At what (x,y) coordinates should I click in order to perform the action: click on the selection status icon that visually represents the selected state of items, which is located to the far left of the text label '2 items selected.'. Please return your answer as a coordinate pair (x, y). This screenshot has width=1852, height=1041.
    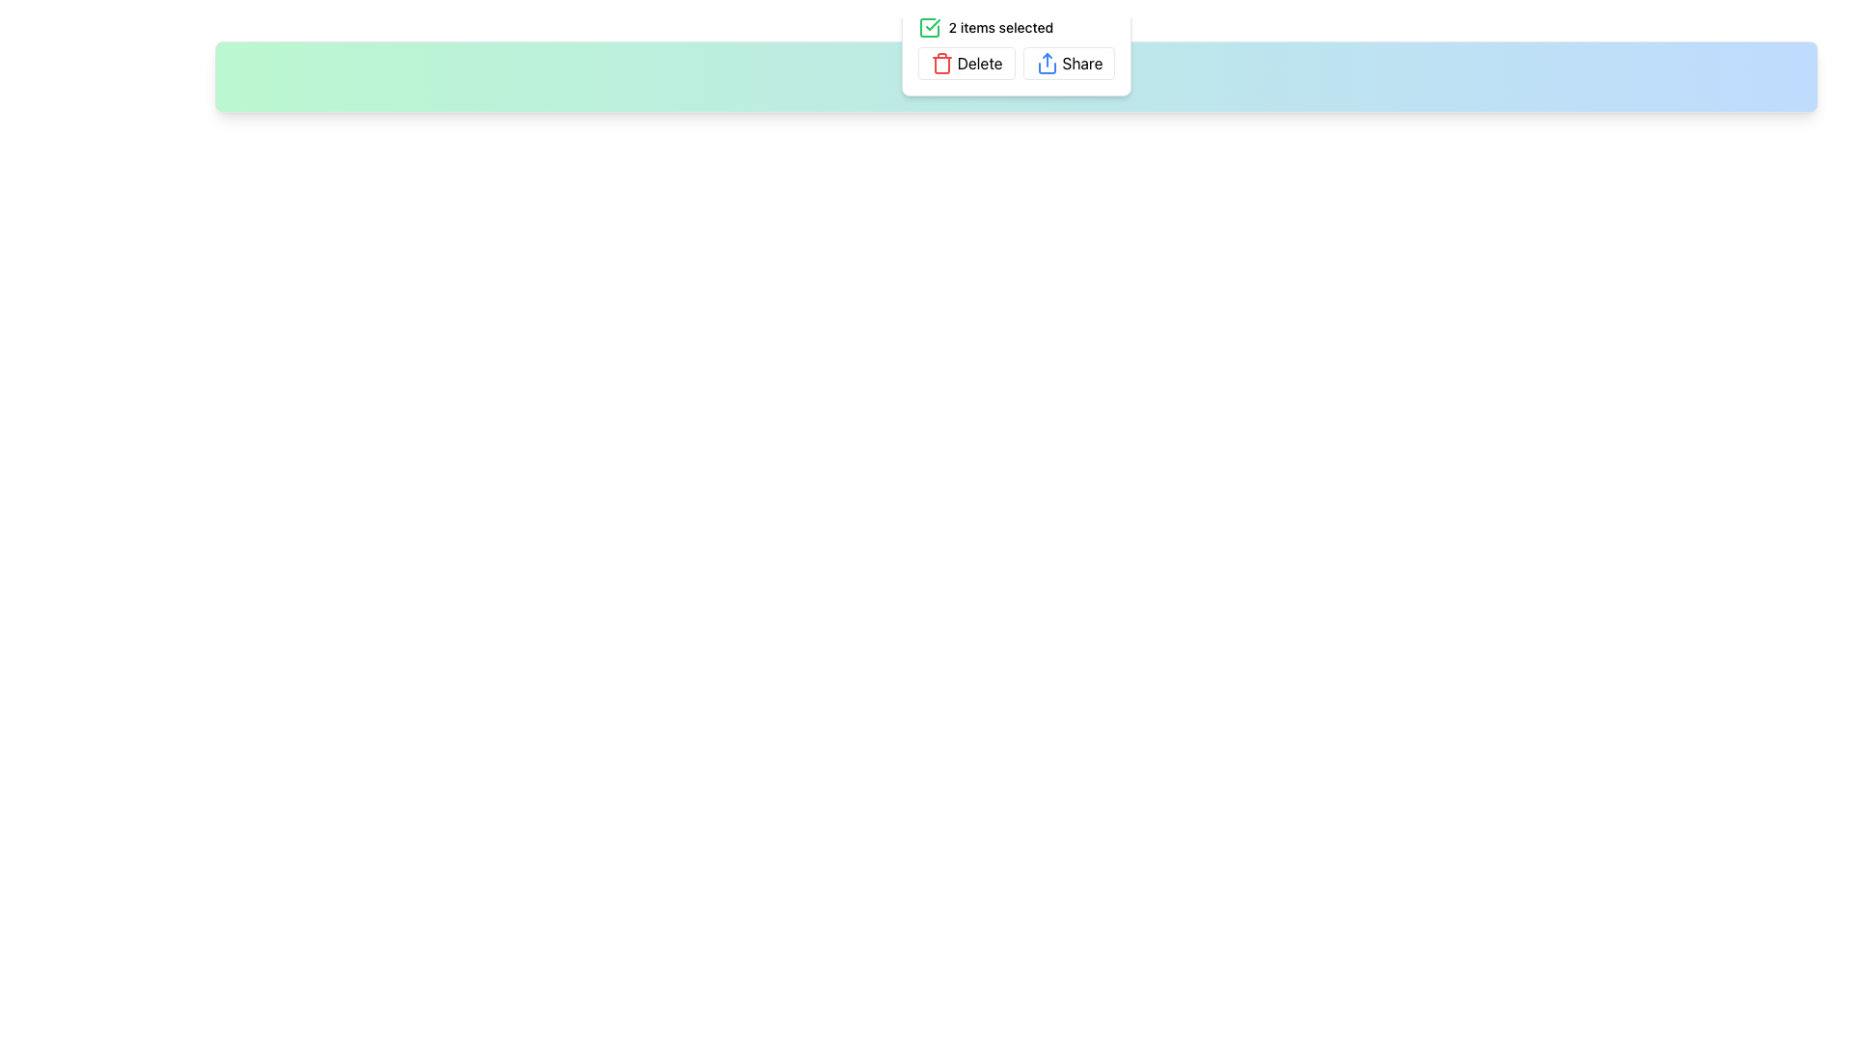
    Looking at the image, I should click on (929, 28).